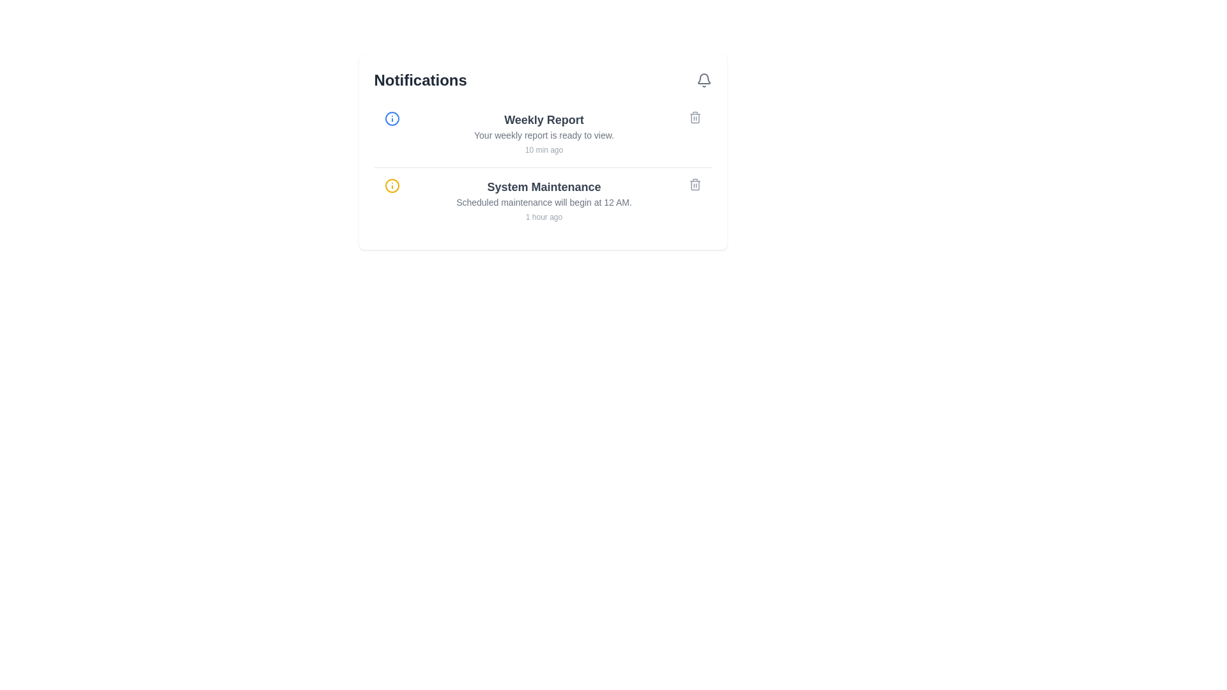 The width and height of the screenshot is (1227, 690). Describe the element at coordinates (703, 80) in the screenshot. I see `the notification icon located at the top-right corner of the Notifications section` at that location.